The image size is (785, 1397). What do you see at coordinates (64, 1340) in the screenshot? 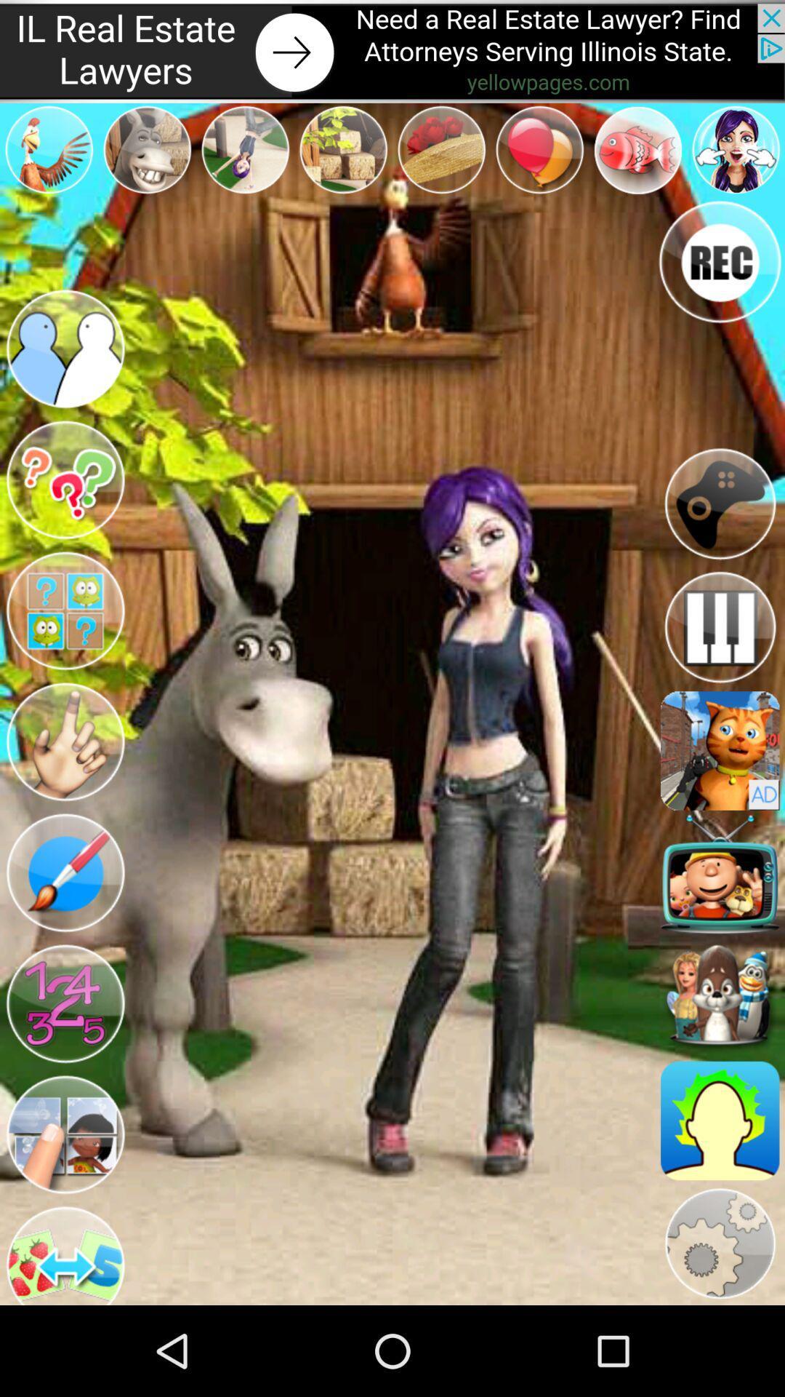
I see `the swap icon` at bounding box center [64, 1340].